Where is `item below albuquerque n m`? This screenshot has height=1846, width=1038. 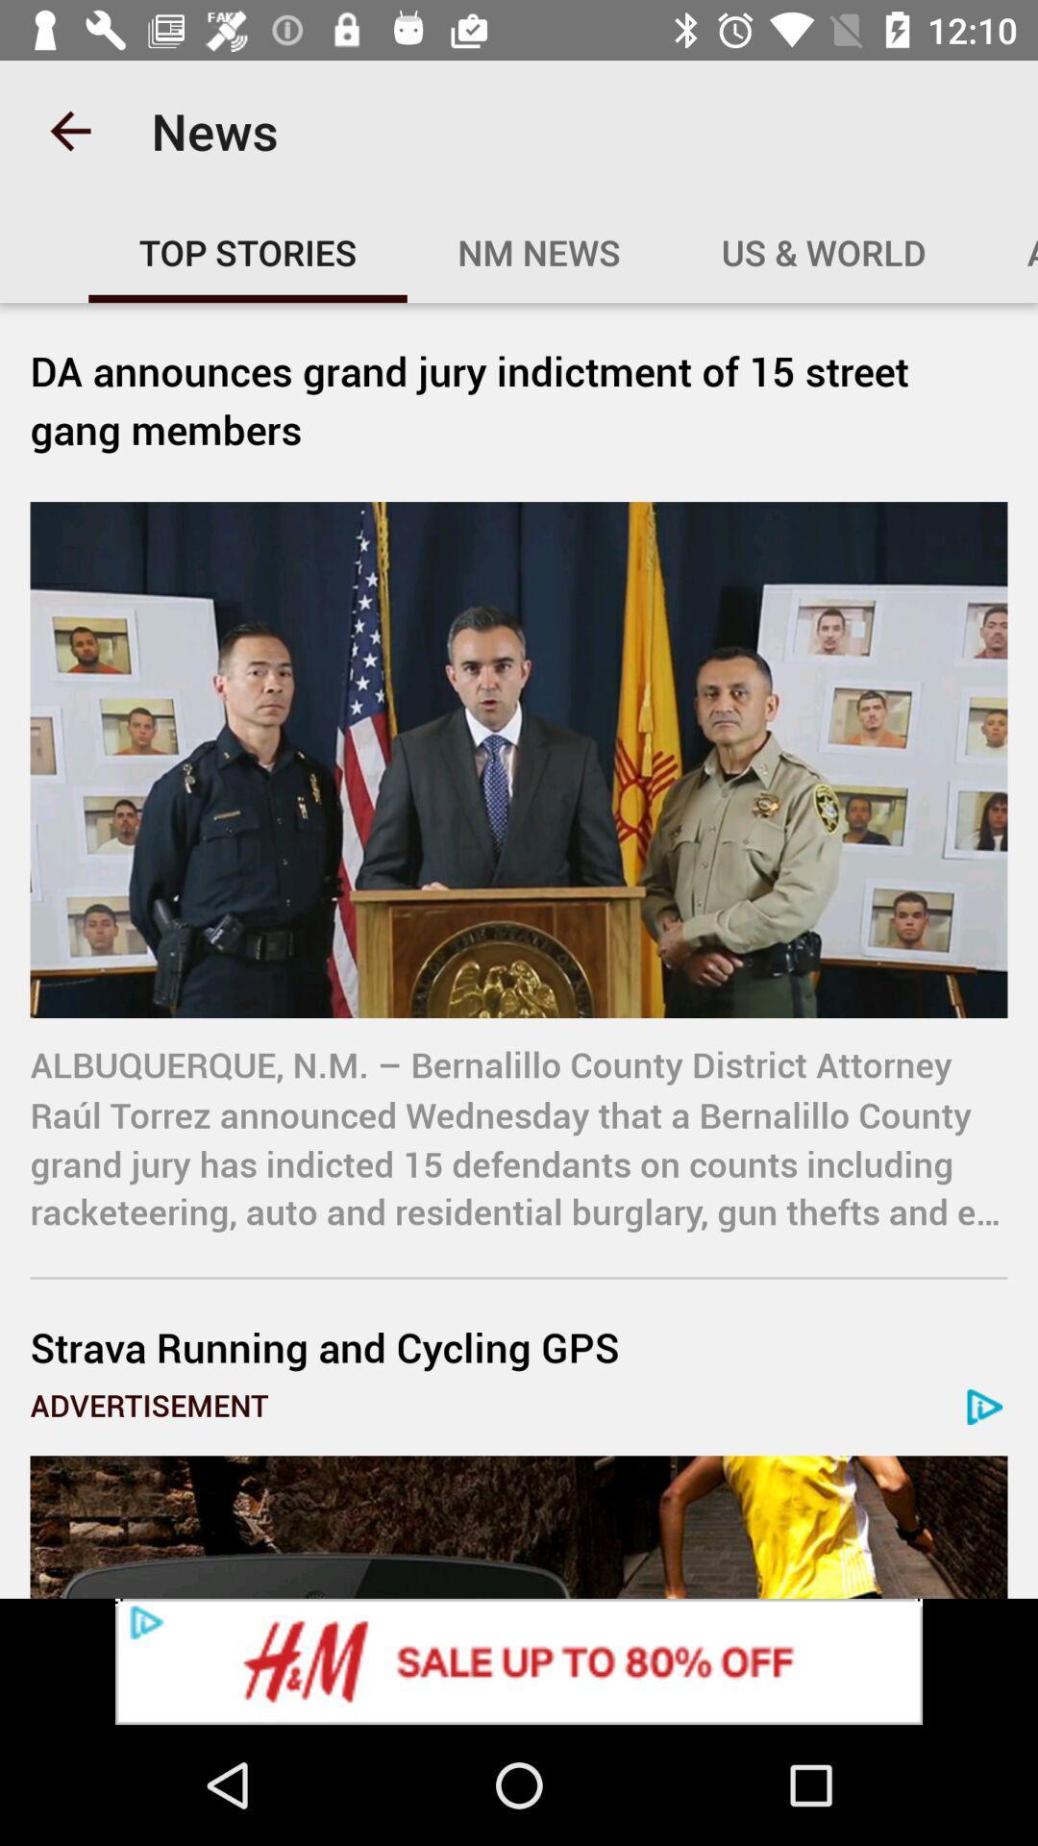 item below albuquerque n m is located at coordinates (519, 1346).